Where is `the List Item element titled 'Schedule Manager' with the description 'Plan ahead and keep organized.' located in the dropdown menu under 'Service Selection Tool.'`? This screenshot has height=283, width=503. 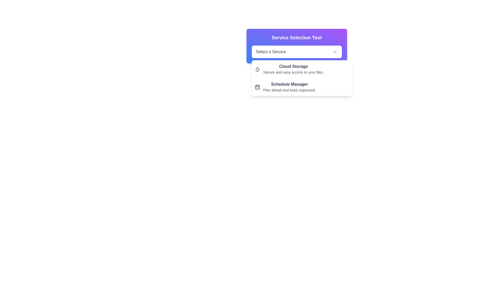 the List Item element titled 'Schedule Manager' with the description 'Plan ahead and keep organized.' located in the dropdown menu under 'Service Selection Tool.' is located at coordinates (302, 86).